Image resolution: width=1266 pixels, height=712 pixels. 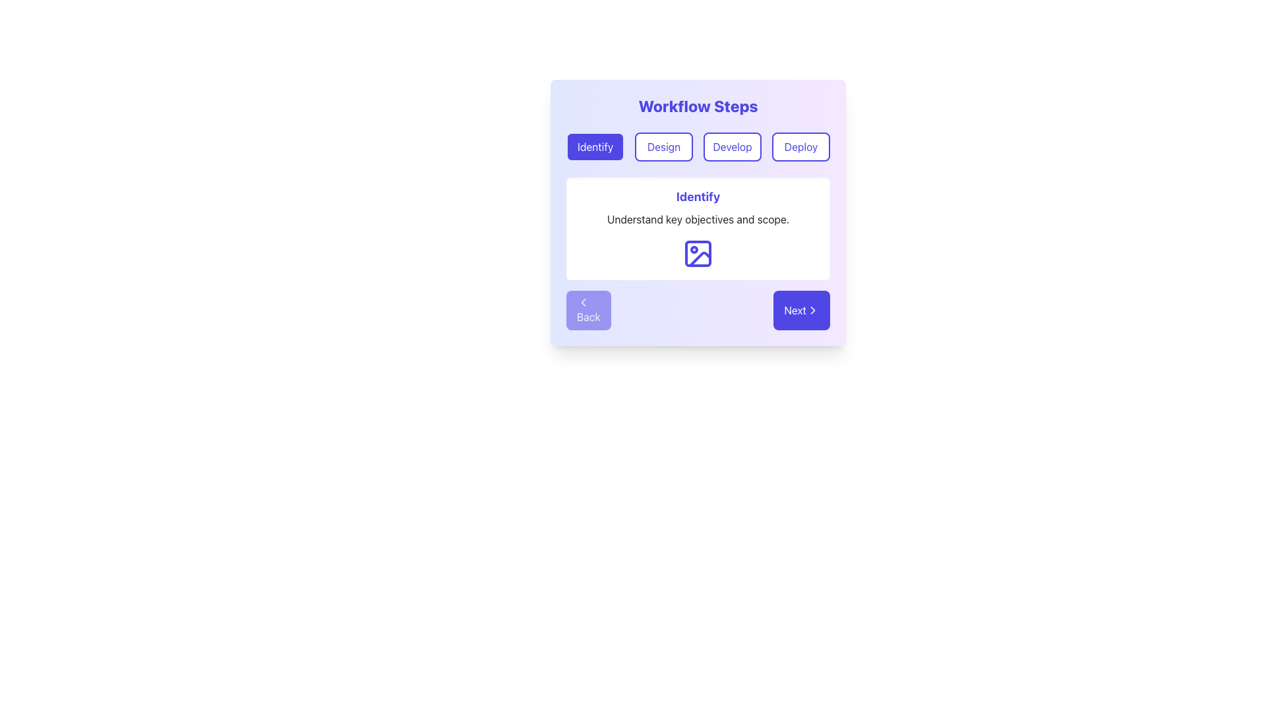 What do you see at coordinates (812, 310) in the screenshot?
I see `the right-pointing chevron icon within the 'Next' button located in the bottom-right corner of the workflow step card` at bounding box center [812, 310].